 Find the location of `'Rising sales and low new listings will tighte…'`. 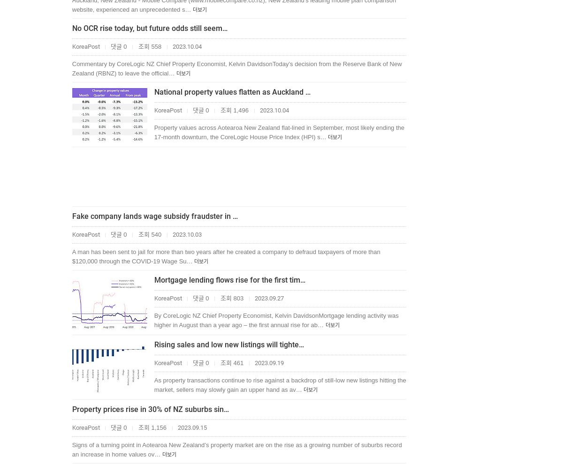

'Rising sales and low new listings will tighte…' is located at coordinates (228, 344).